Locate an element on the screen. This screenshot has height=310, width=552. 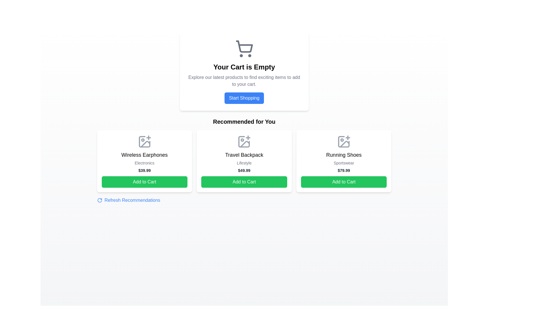
price displayed in the static text element located at the bottom of the 'Wireless Earphones' card, between the 'Electronics' description and the 'Add to Cart' button is located at coordinates (144, 170).